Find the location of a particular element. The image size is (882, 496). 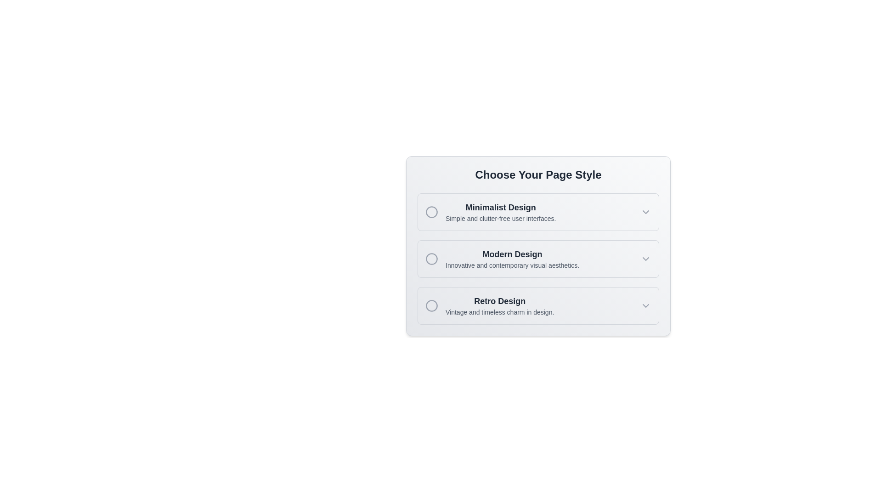

the bold, large textual header that reads 'Choose Your Page Style', which is centered at the top of the card-like selection interface is located at coordinates (538, 175).